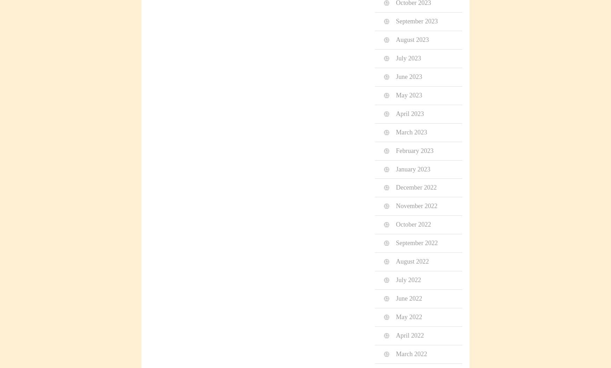 Image resolution: width=611 pixels, height=368 pixels. Describe the element at coordinates (413, 225) in the screenshot. I see `'October 2022'` at that location.